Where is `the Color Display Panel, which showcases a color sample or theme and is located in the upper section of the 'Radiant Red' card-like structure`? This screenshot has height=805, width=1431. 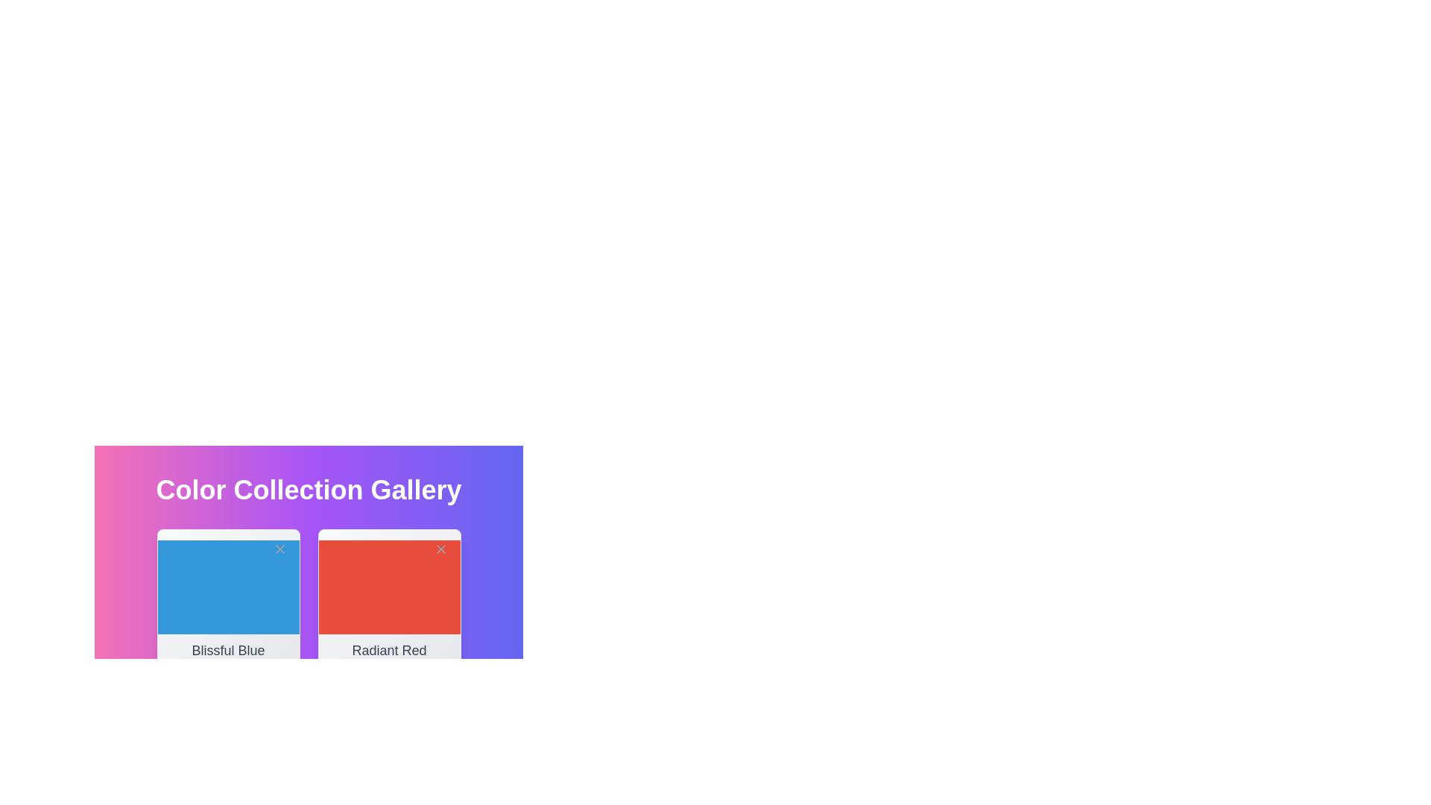
the Color Display Panel, which showcases a color sample or theme and is located in the upper section of the 'Radiant Red' card-like structure is located at coordinates (389, 586).